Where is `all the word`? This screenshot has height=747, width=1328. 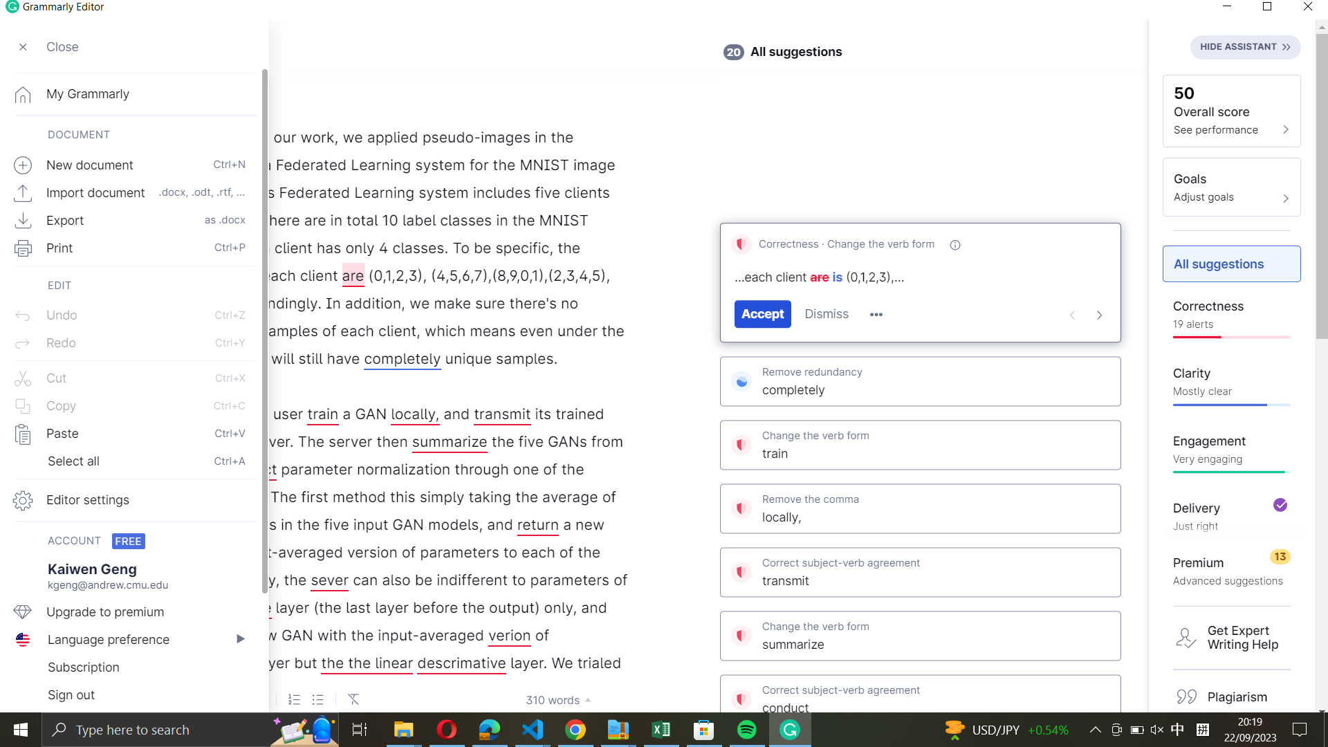 all the word is located at coordinates (132, 462).